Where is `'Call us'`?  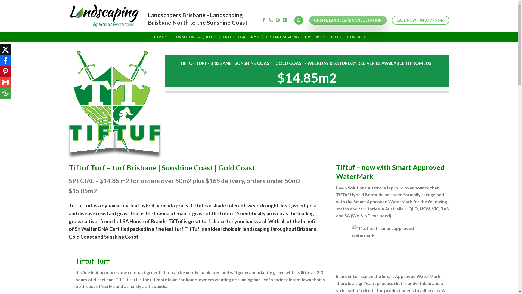 'Call us' is located at coordinates (271, 20).